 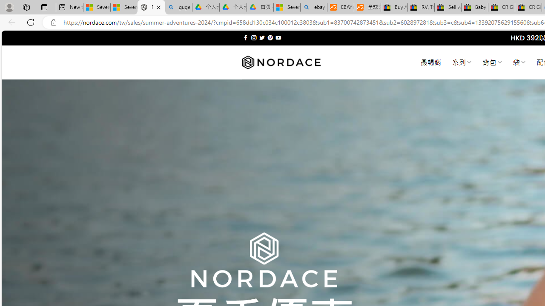 I want to click on 'ebay - Search', so click(x=313, y=7).